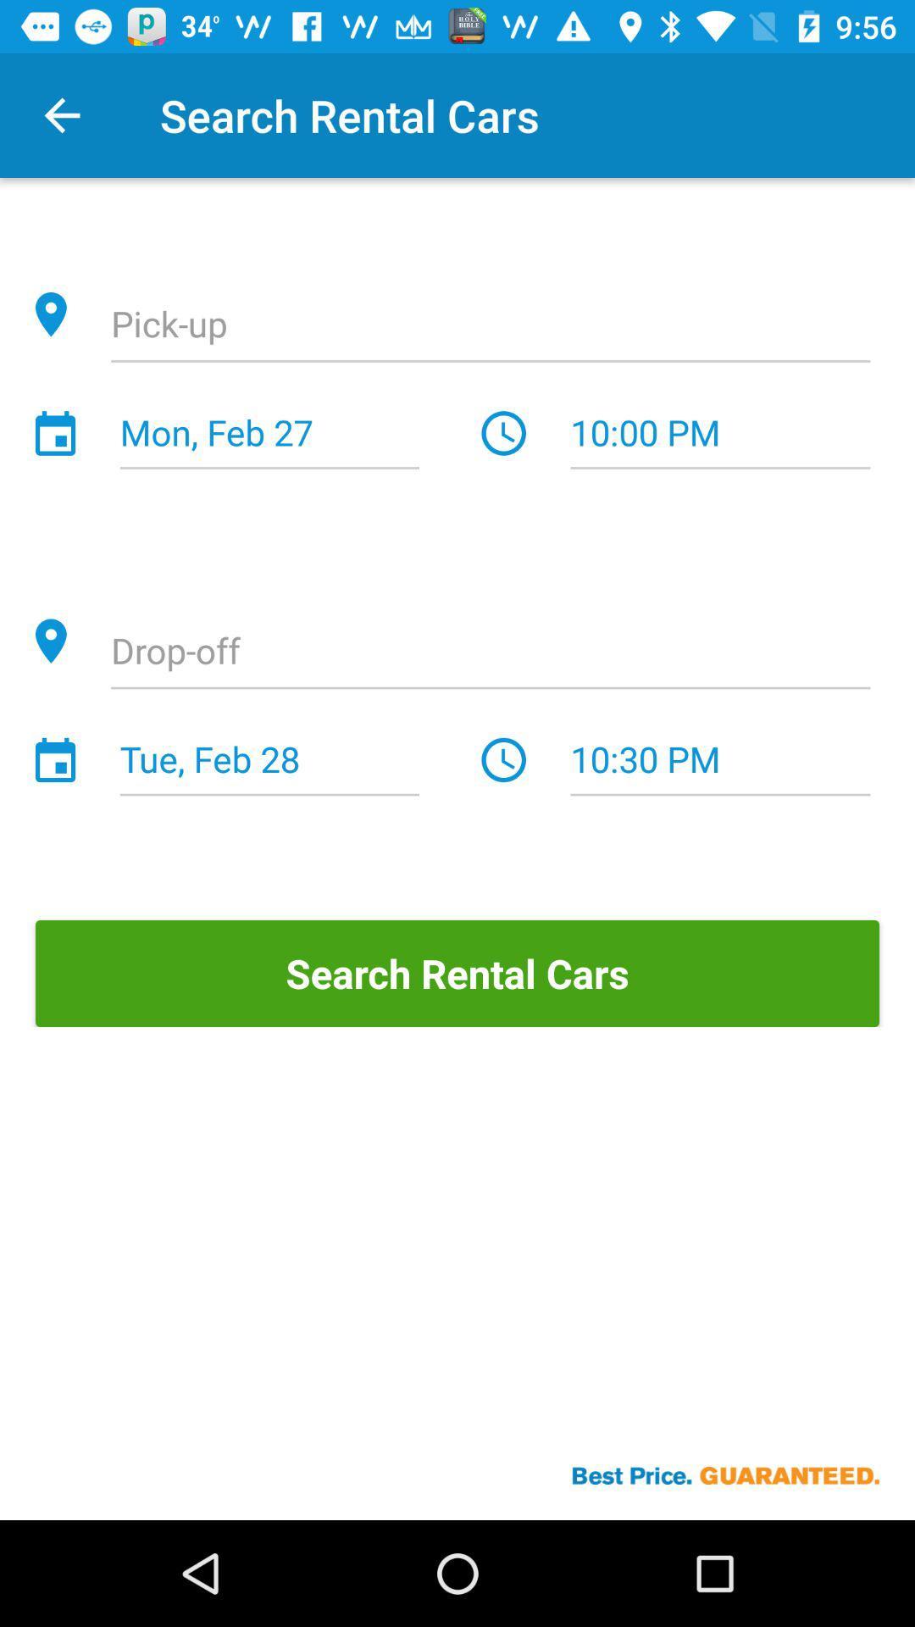 This screenshot has height=1627, width=915. I want to click on previous, so click(491, 652).